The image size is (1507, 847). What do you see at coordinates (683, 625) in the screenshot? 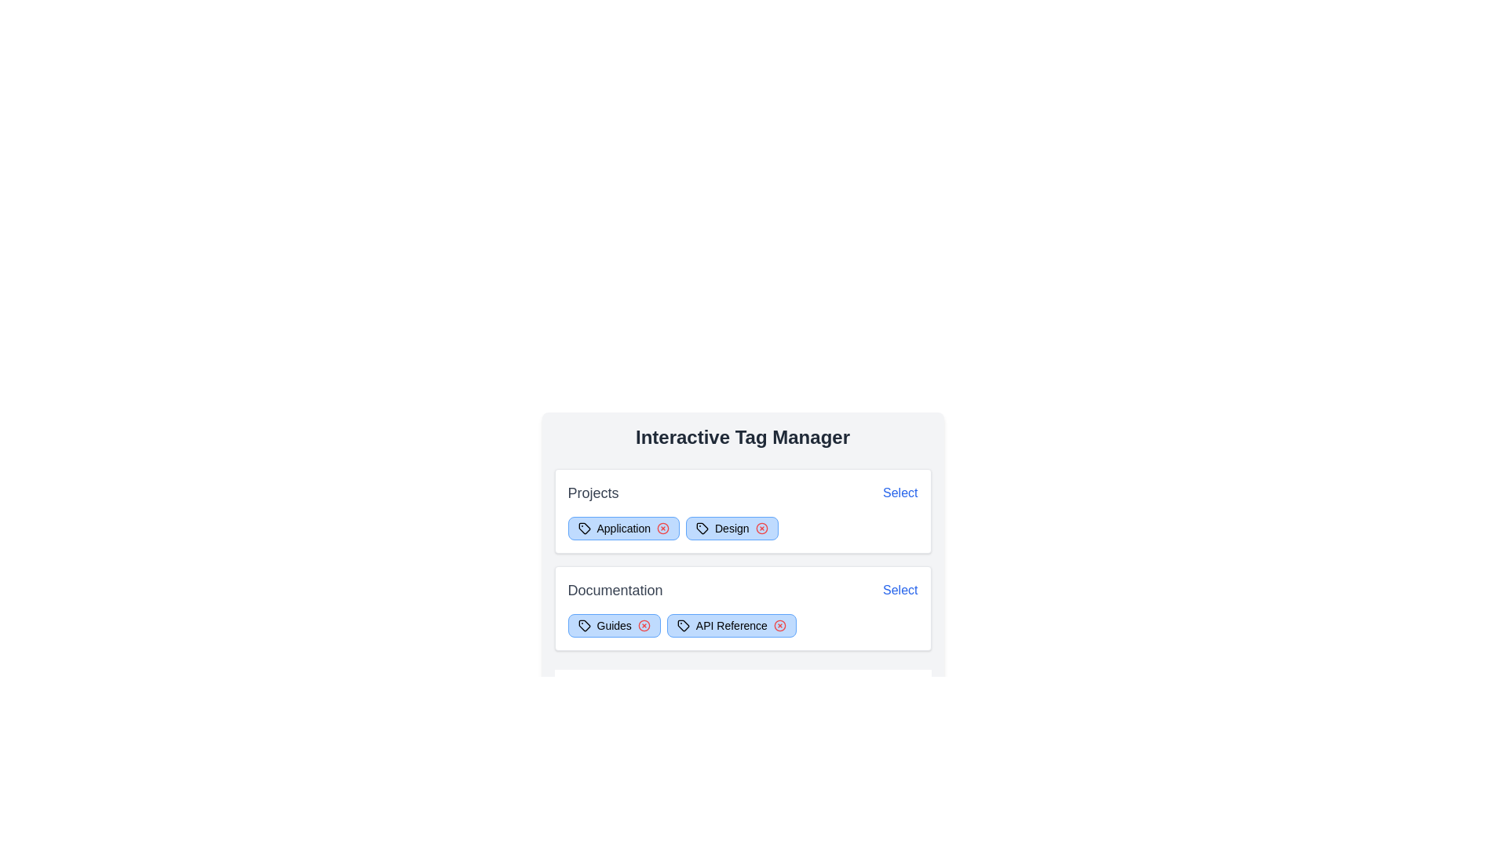
I see `the icon that visually identifies the 'API Reference' button in the 'Documentation' section, positioned on the left side of the text` at bounding box center [683, 625].